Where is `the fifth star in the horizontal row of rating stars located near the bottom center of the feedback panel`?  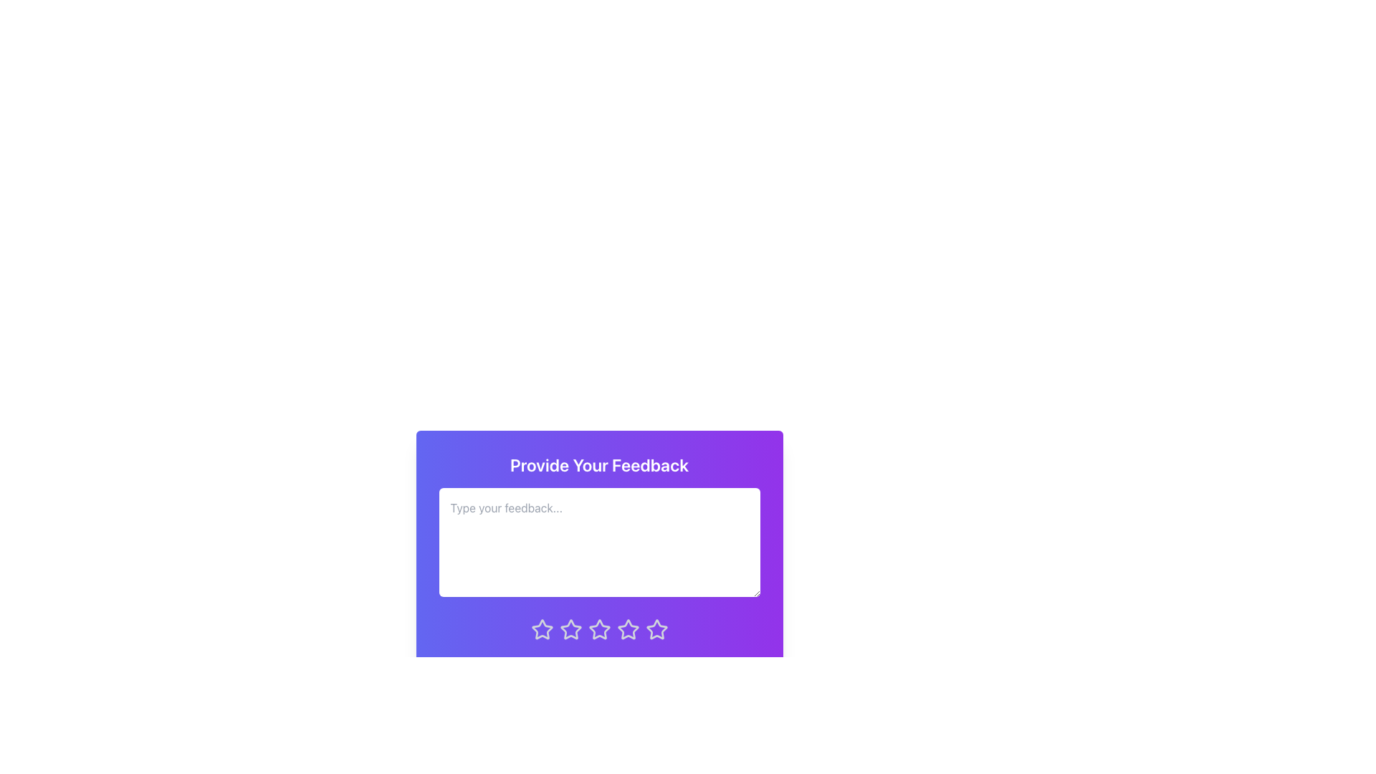
the fifth star in the horizontal row of rating stars located near the bottom center of the feedback panel is located at coordinates (656, 629).